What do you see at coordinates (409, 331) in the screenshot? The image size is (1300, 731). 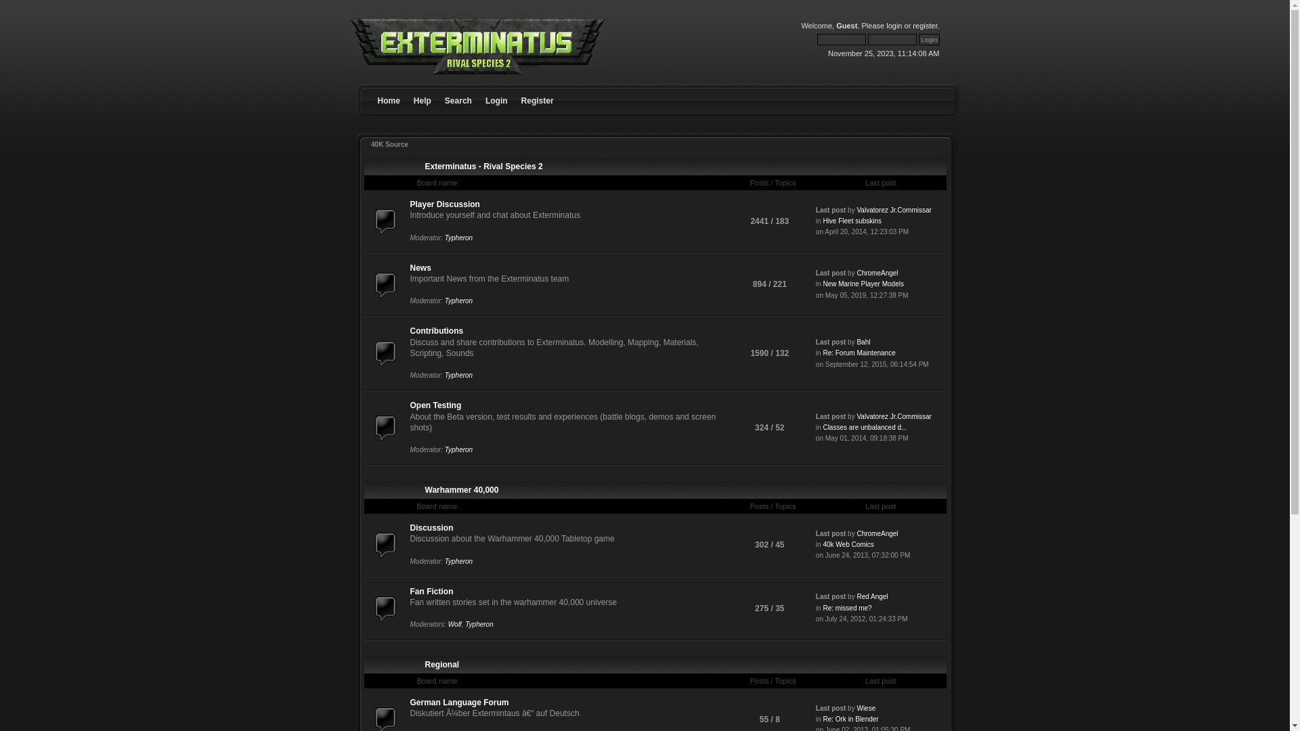 I see `'Contributions'` at bounding box center [409, 331].